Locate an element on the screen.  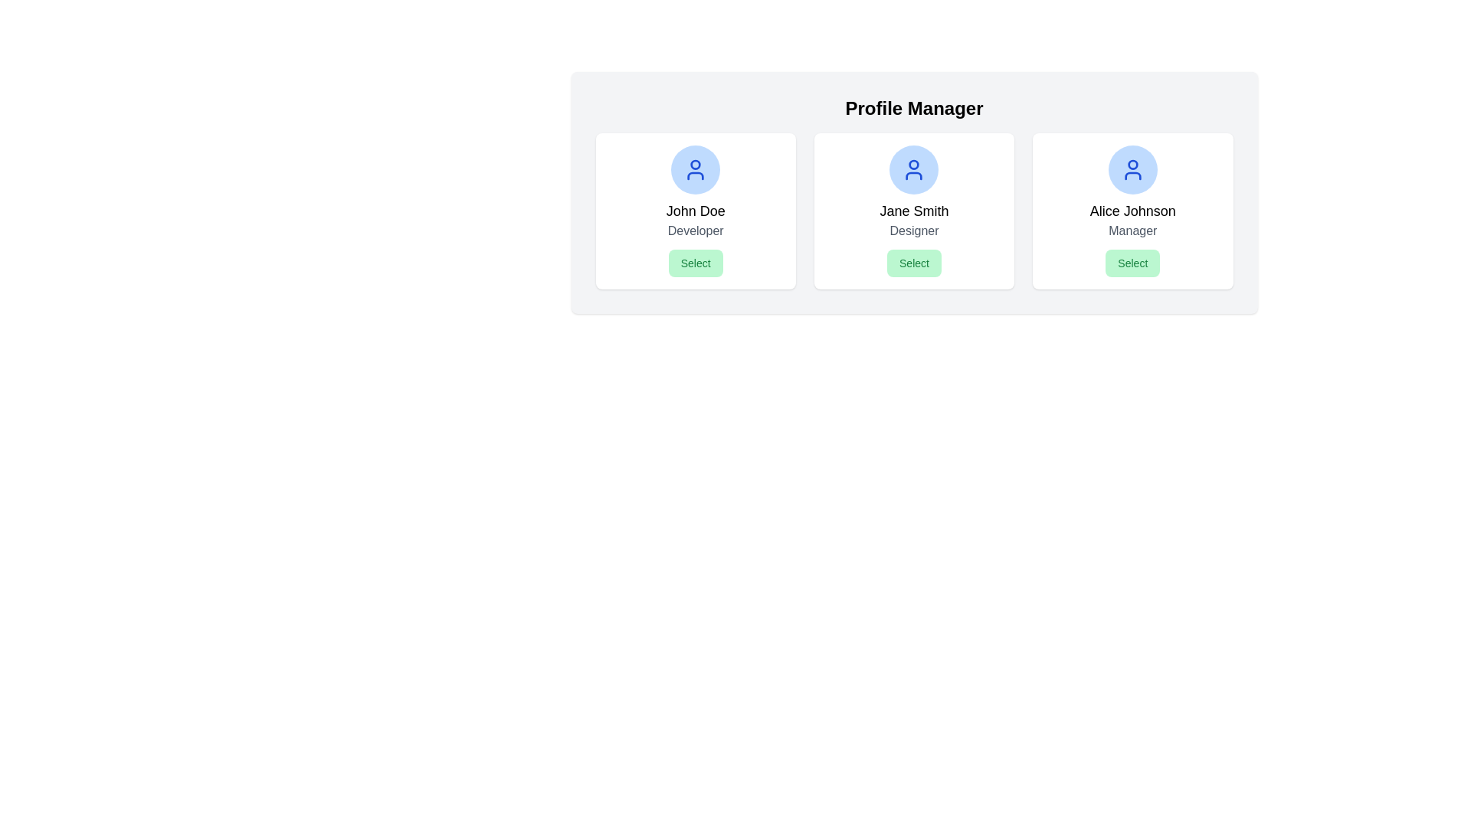
the text label displaying the title or position associated with 'Jane Smith', which is located directly below the name and above the green 'Select' button in the profile card is located at coordinates (914, 230).